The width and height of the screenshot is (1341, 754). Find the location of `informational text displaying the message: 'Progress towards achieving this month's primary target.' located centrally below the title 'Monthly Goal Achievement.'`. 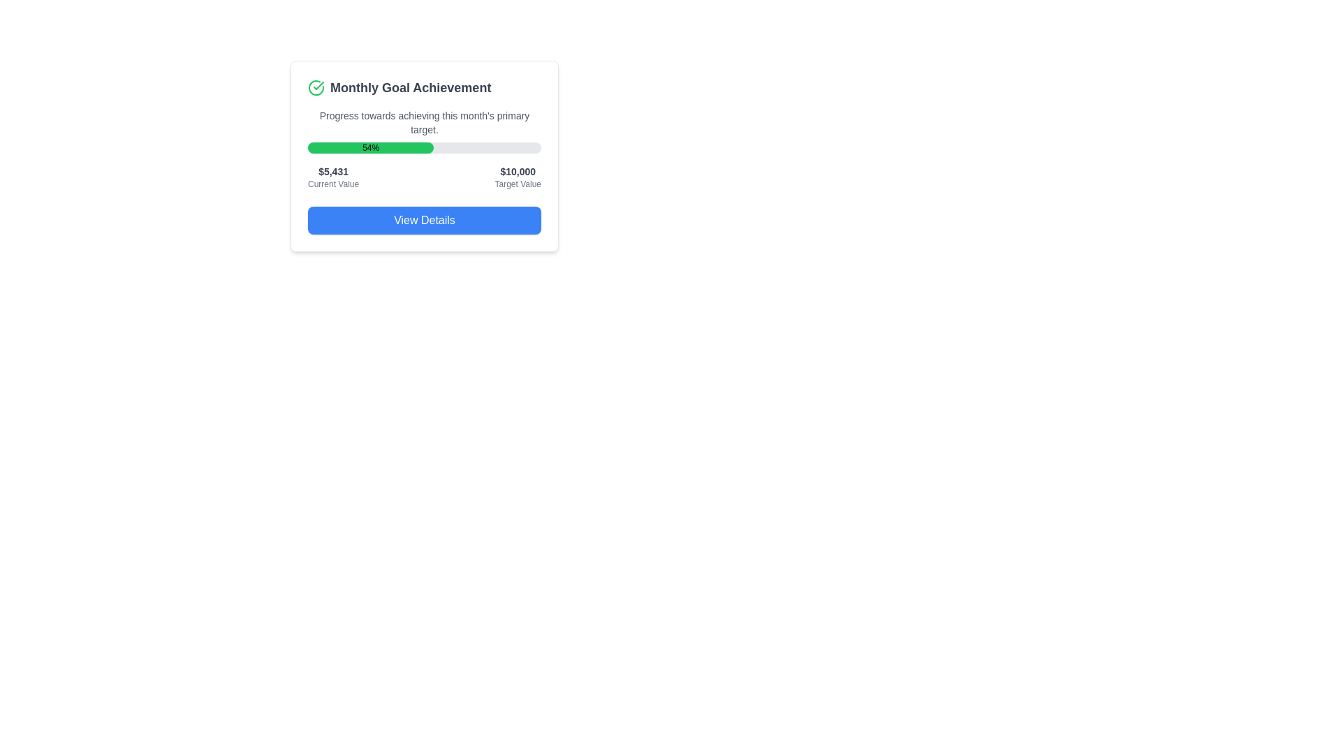

informational text displaying the message: 'Progress towards achieving this month's primary target.' located centrally below the title 'Monthly Goal Achievement.' is located at coordinates (424, 122).